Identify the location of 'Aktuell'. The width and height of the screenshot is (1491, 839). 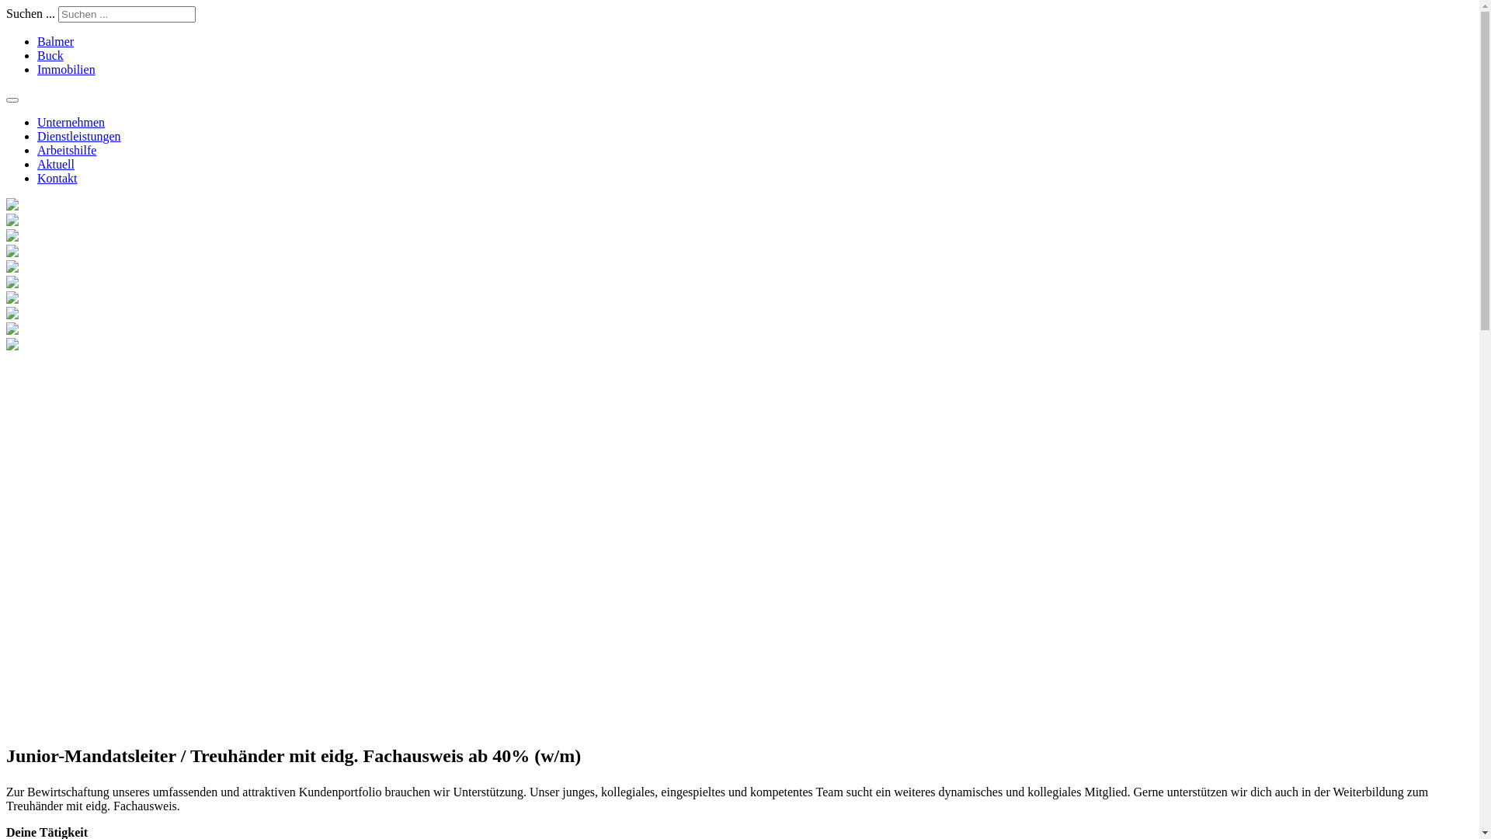
(56, 164).